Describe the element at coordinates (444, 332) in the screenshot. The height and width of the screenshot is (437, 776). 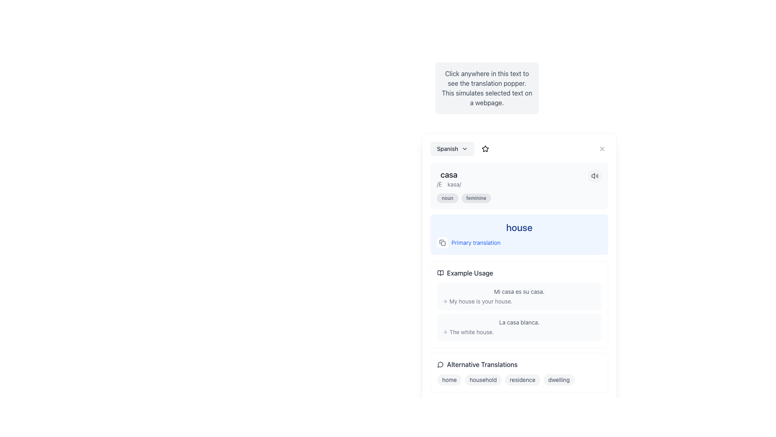
I see `the icon located to the left of the phrase 'The white house'` at that location.